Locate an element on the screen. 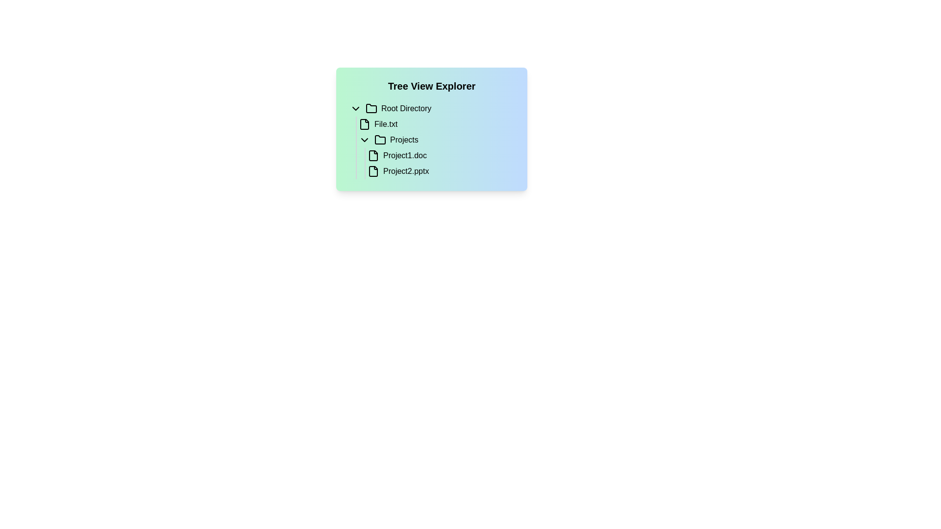  the file icon representing 'Project2.pptx' in the tree directory view under the 'Projects' folder is located at coordinates (373, 171).